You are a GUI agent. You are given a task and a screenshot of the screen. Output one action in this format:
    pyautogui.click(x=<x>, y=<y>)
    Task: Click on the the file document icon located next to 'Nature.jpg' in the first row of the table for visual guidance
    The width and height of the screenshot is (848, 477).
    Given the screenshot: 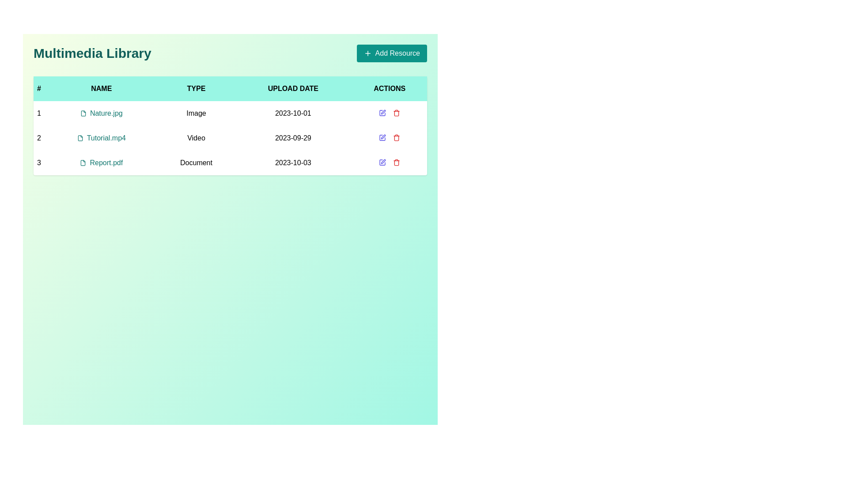 What is the action you would take?
    pyautogui.click(x=83, y=113)
    